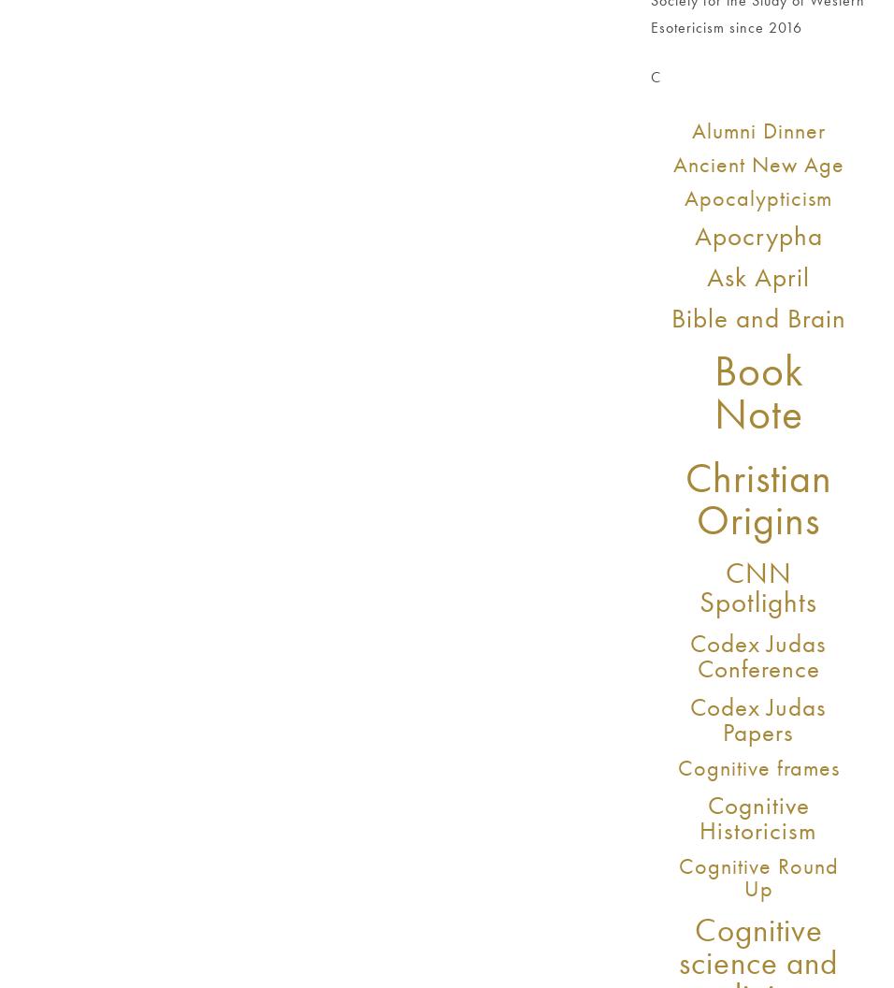  What do you see at coordinates (757, 876) in the screenshot?
I see `'Cognitive Round Up'` at bounding box center [757, 876].